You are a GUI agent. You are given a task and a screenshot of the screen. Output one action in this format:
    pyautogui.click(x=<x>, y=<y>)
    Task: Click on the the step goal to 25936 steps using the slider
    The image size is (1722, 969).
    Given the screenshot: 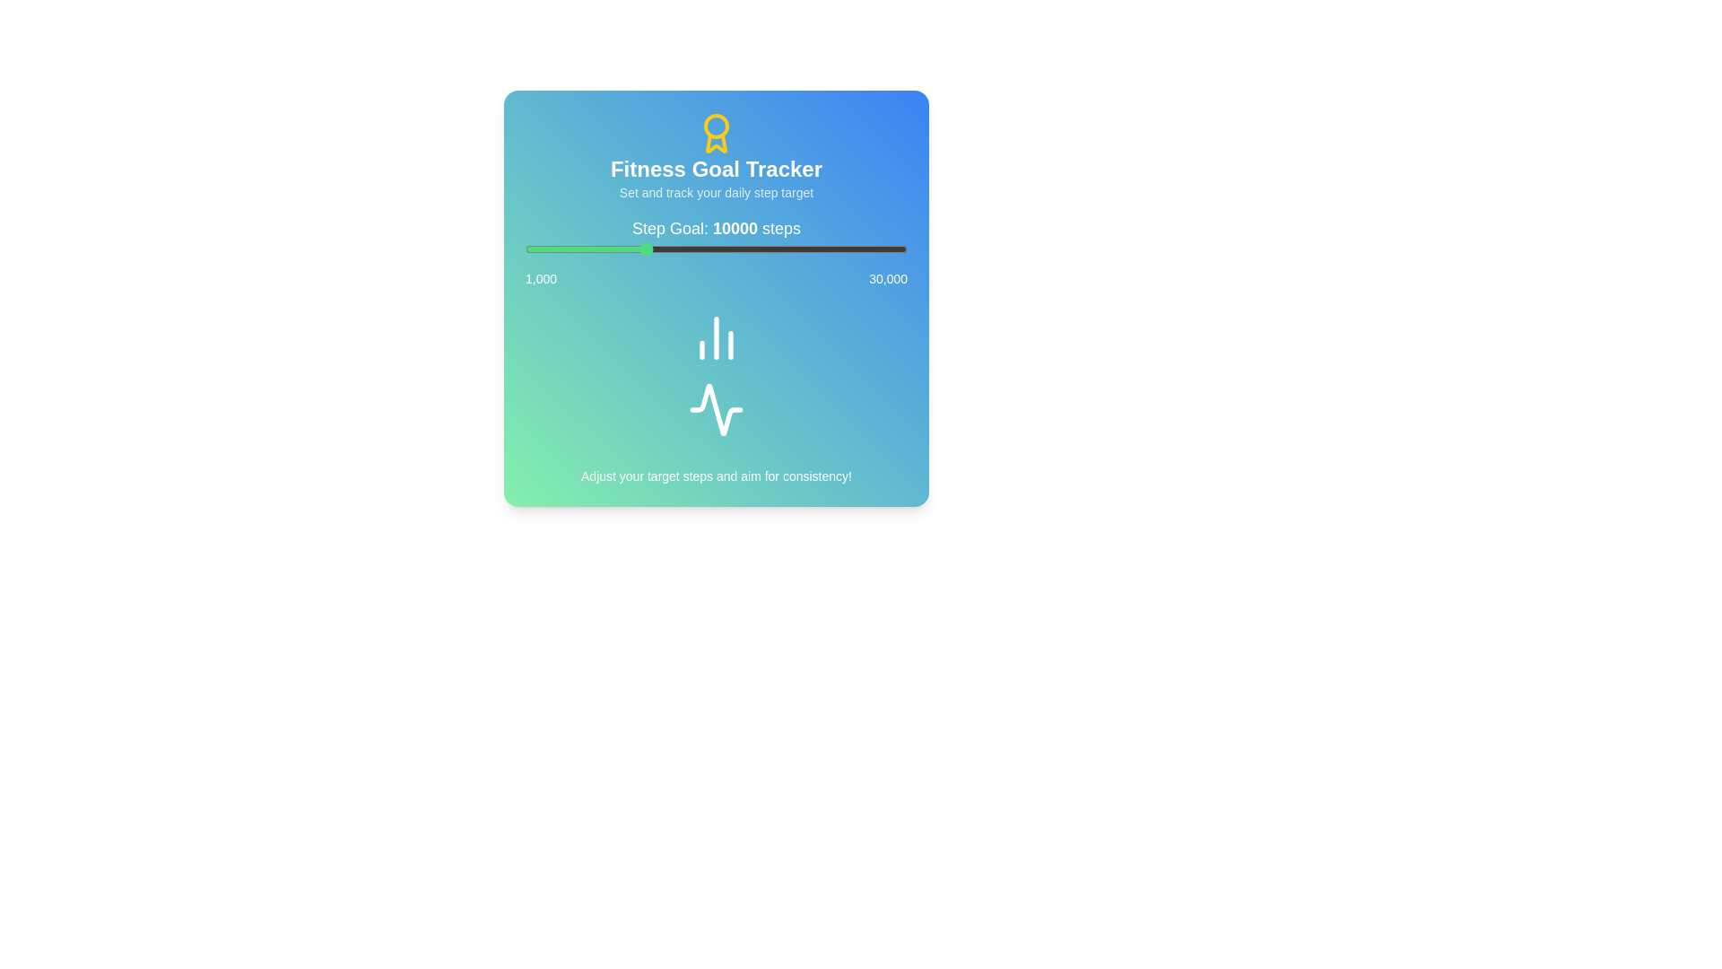 What is the action you would take?
    pyautogui.click(x=853, y=249)
    